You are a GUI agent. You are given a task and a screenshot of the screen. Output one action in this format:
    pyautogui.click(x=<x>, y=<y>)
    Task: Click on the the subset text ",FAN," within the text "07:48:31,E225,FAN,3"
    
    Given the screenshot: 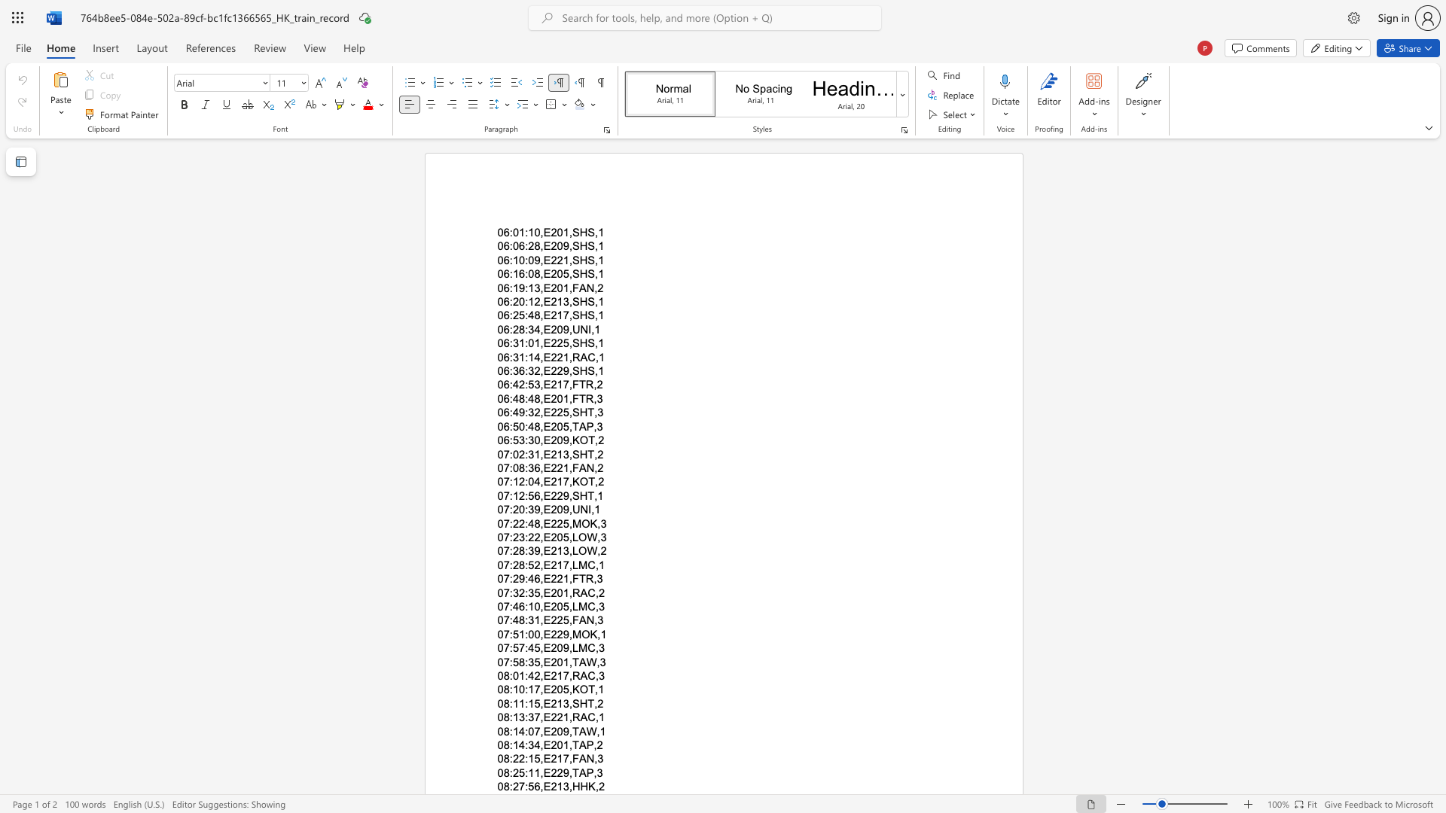 What is the action you would take?
    pyautogui.click(x=568, y=620)
    